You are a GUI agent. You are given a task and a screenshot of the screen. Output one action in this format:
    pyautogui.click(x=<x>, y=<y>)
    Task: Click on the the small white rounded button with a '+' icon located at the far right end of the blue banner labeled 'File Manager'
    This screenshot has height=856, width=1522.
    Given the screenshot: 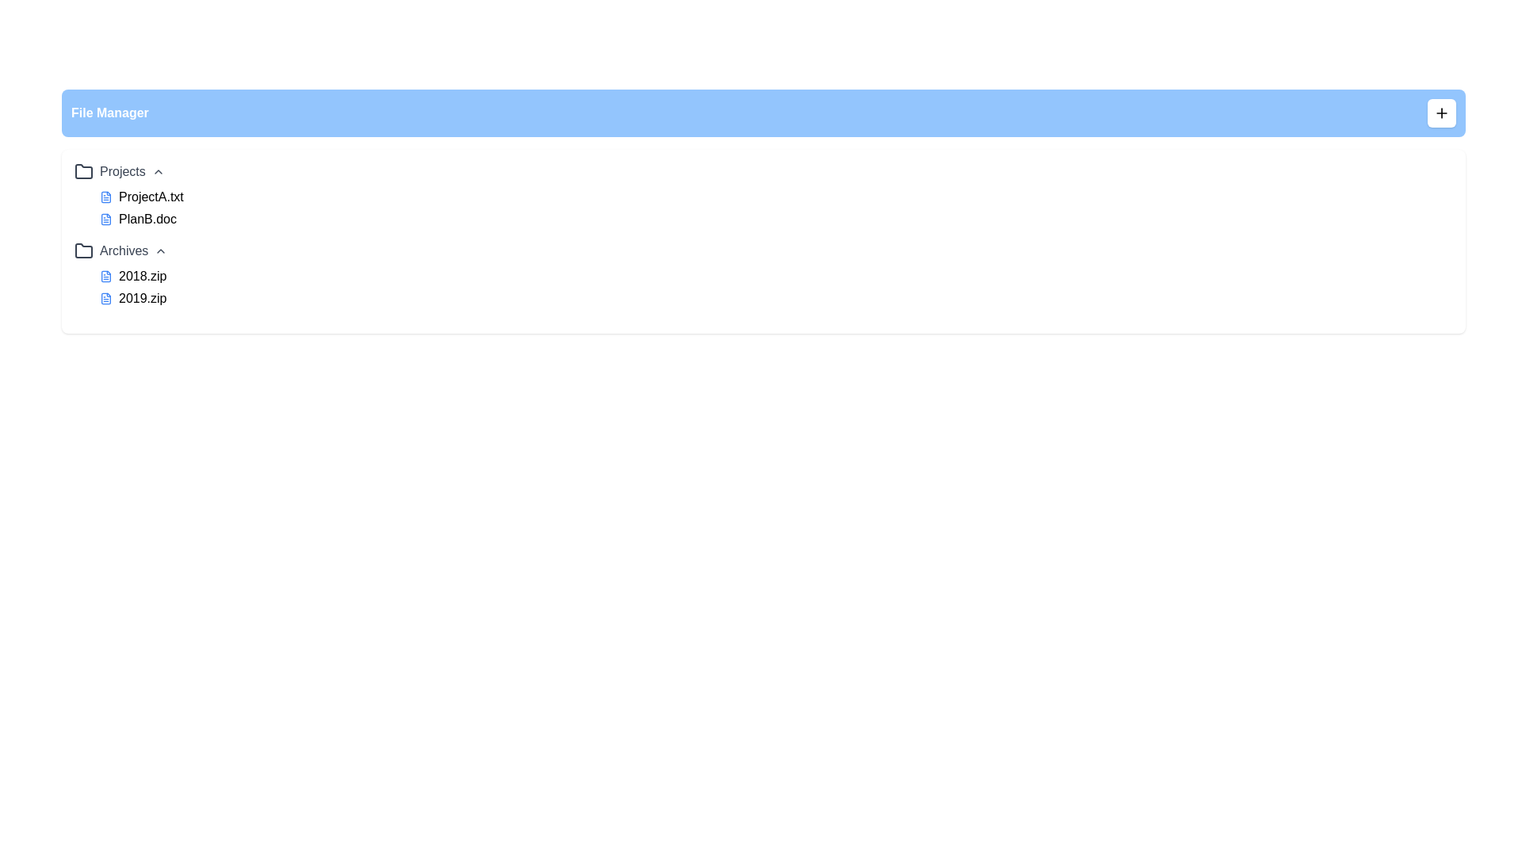 What is the action you would take?
    pyautogui.click(x=1442, y=112)
    